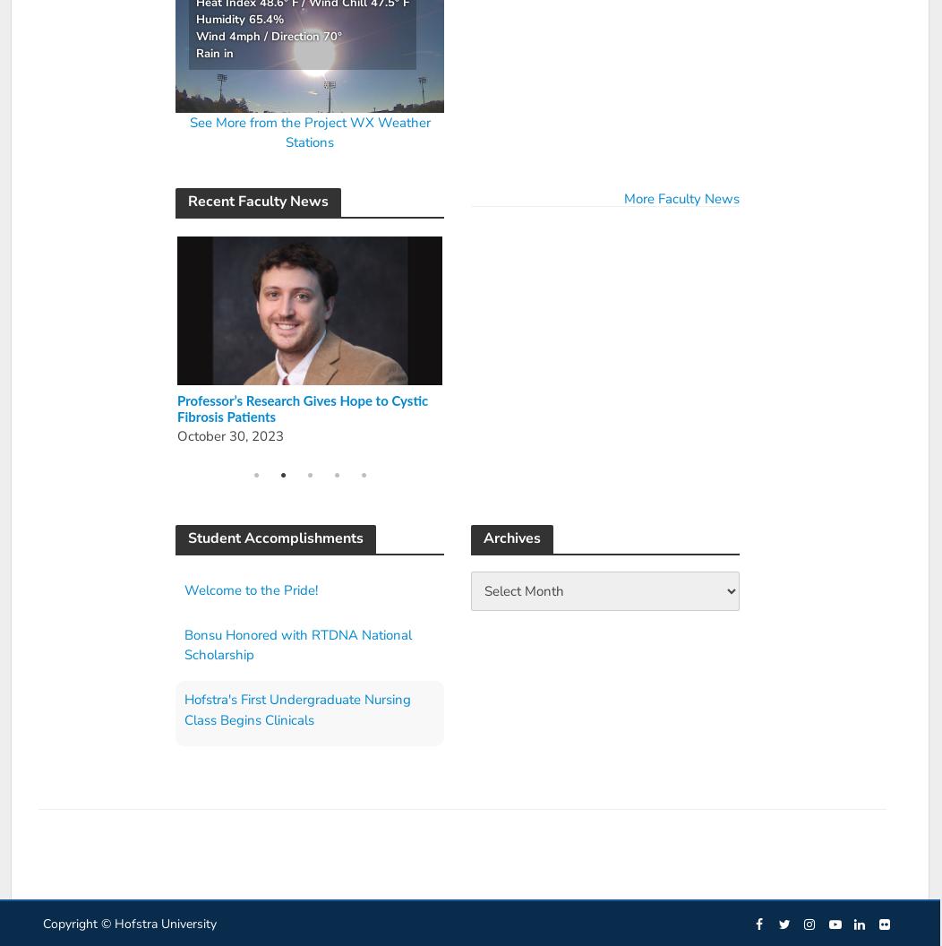 The height and width of the screenshot is (946, 942). Describe the element at coordinates (496, 418) in the screenshot. I see `'October 24, 2023'` at that location.